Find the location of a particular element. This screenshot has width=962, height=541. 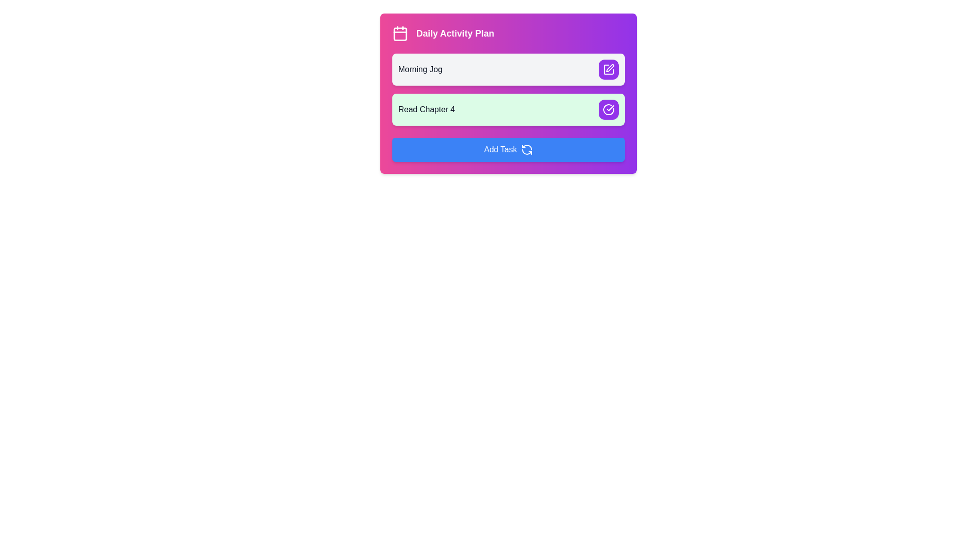

the pink decorative graphical element with rounded corners located within the top-left area of the calendar icon on the purple gradient banner titled 'Daily Activity Plan' is located at coordinates (399, 34).